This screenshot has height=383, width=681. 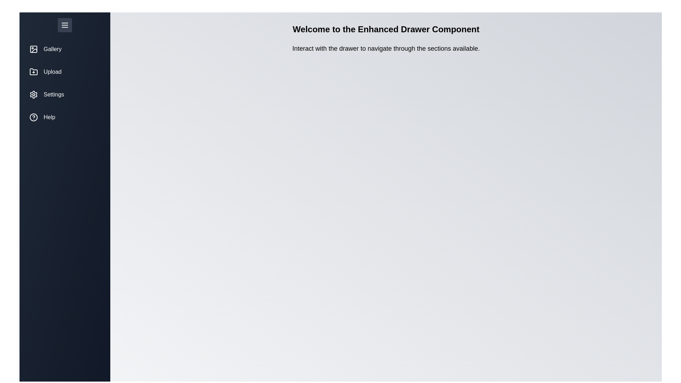 I want to click on the icon corresponding to the Gallery section, so click(x=33, y=49).